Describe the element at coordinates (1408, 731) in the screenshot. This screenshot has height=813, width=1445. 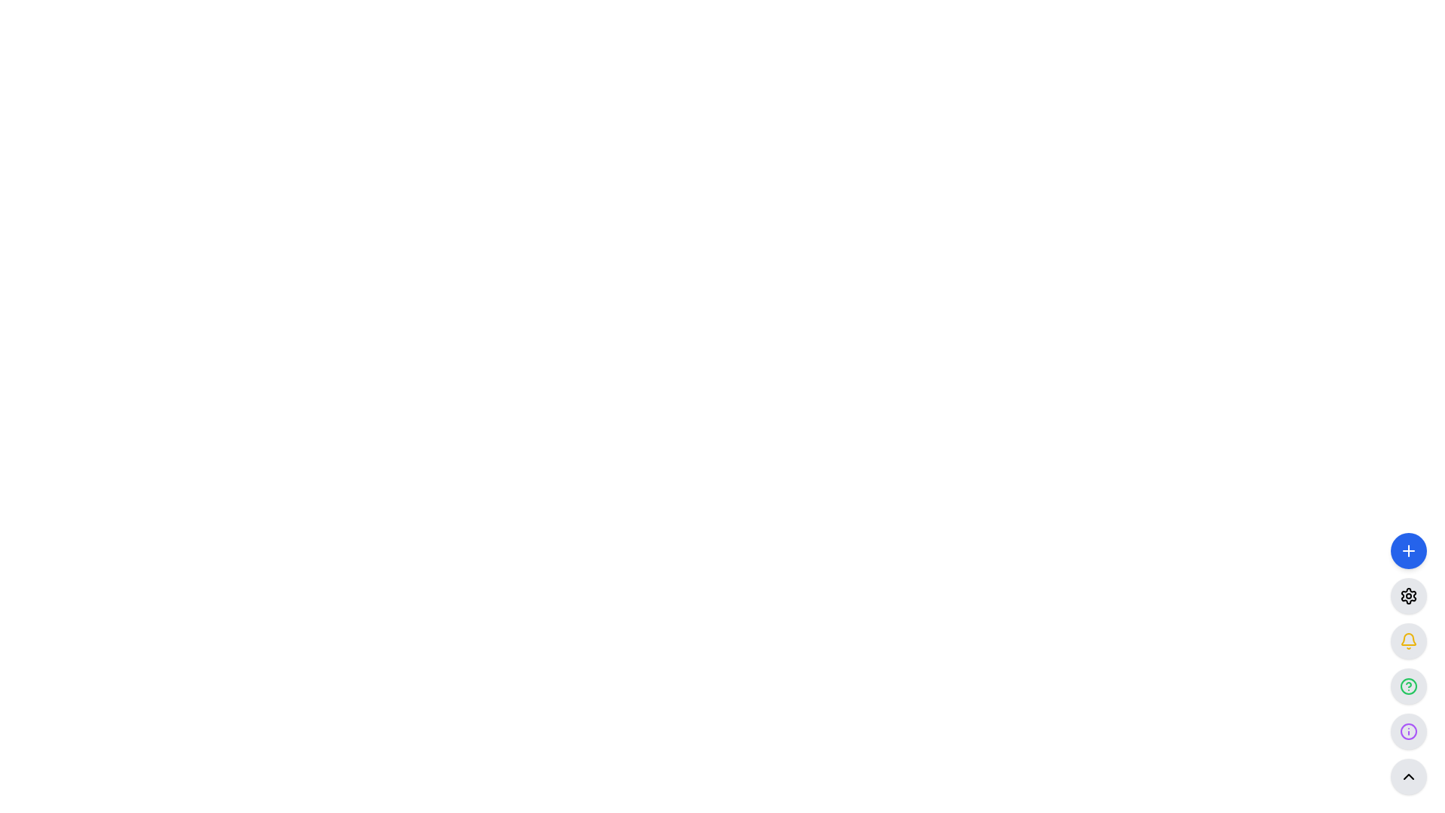
I see `the icon button located between the green question mark icon above and the pink-bordered square icon below` at that location.